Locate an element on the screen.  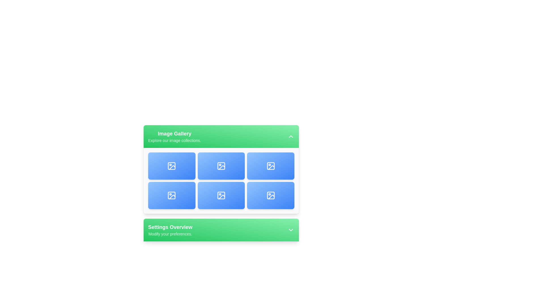
the SVG graphic component located in the bottom-left tile of the image gallery grid is located at coordinates (171, 195).